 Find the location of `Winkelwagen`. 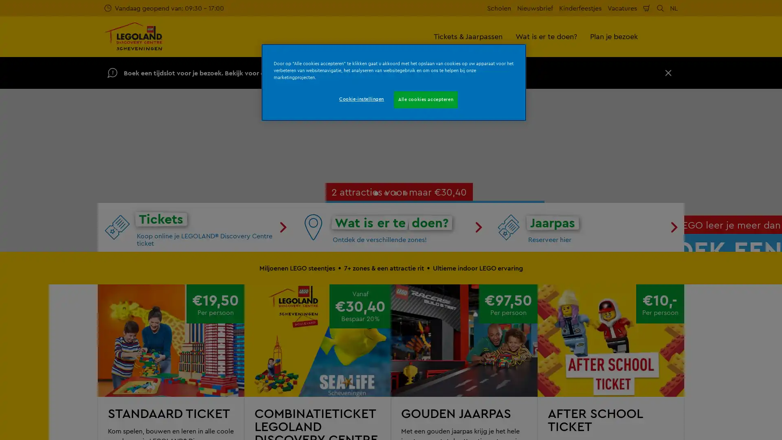

Winkelwagen is located at coordinates (646, 8).